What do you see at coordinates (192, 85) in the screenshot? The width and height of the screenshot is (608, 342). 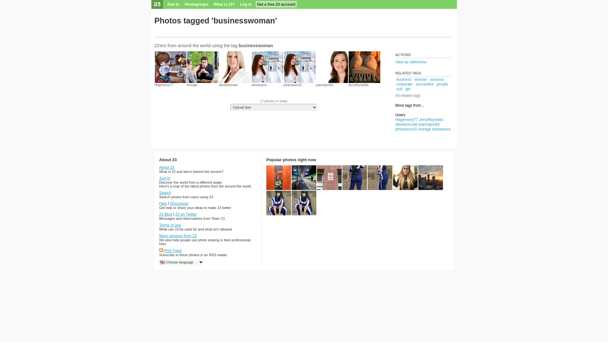 I see `'murage'` at bounding box center [192, 85].